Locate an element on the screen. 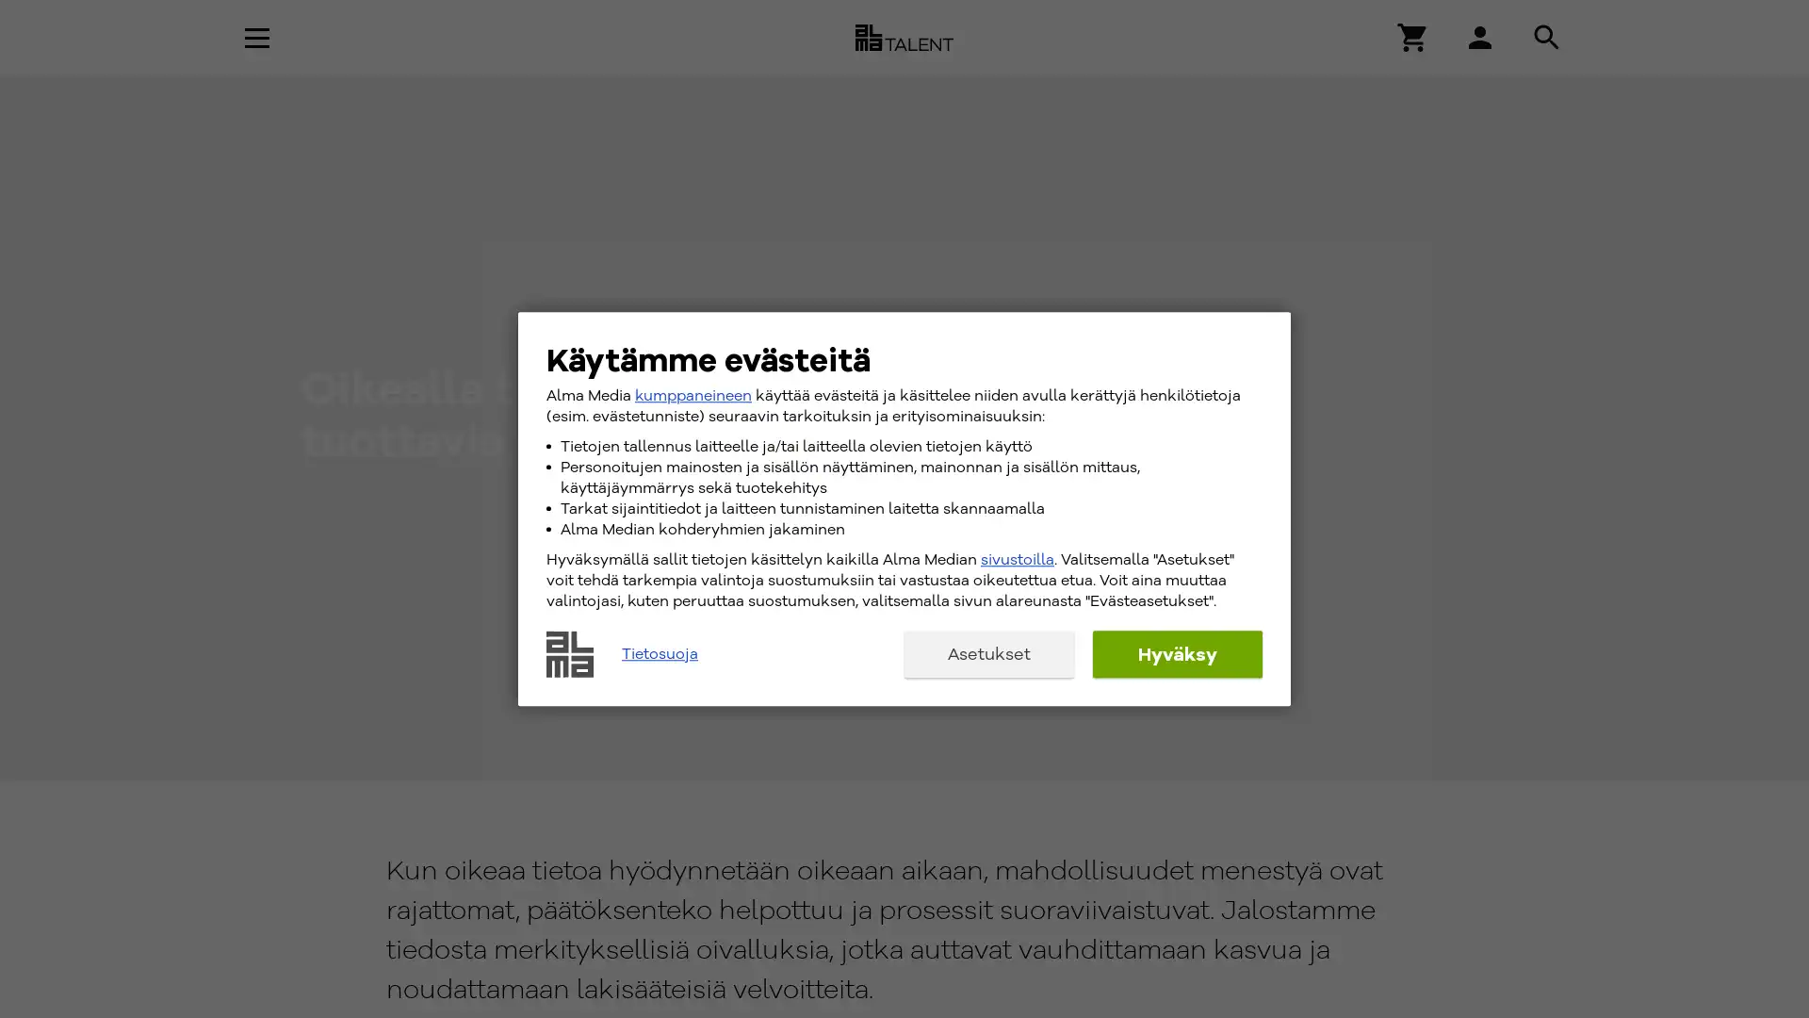  Hae is located at coordinates (1546, 37).